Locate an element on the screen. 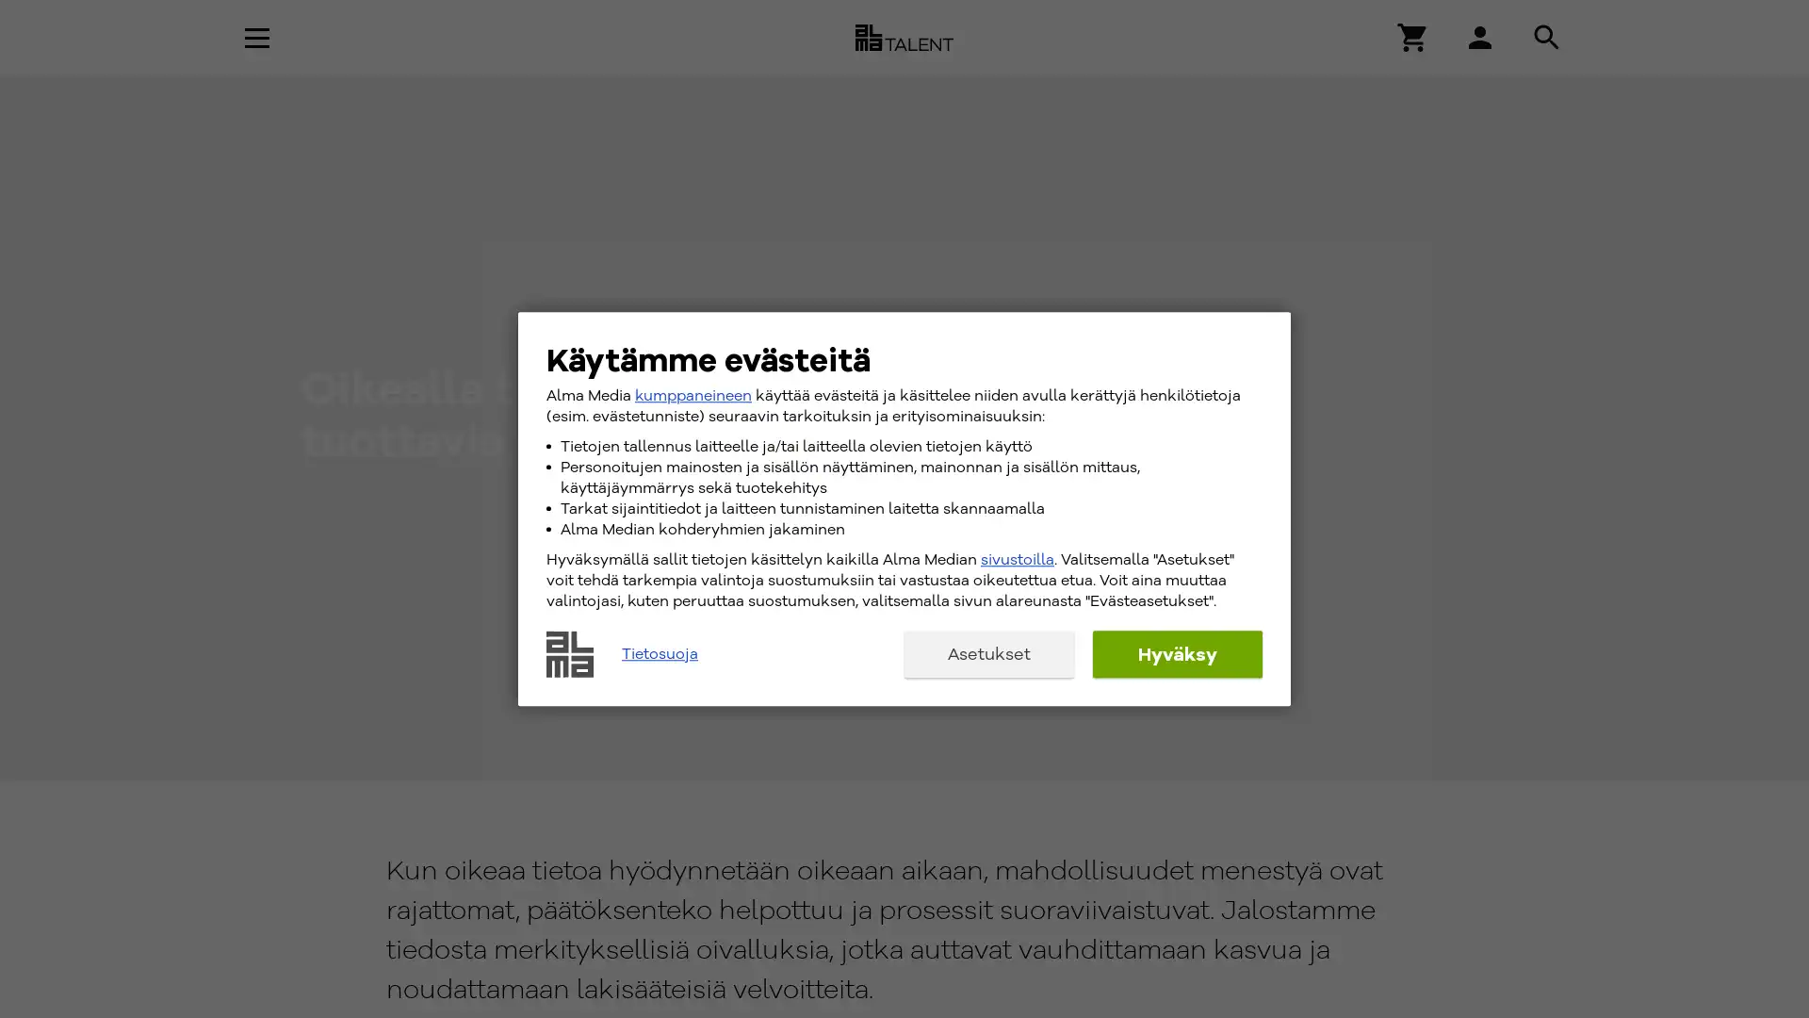  Hae is located at coordinates (1546, 37).